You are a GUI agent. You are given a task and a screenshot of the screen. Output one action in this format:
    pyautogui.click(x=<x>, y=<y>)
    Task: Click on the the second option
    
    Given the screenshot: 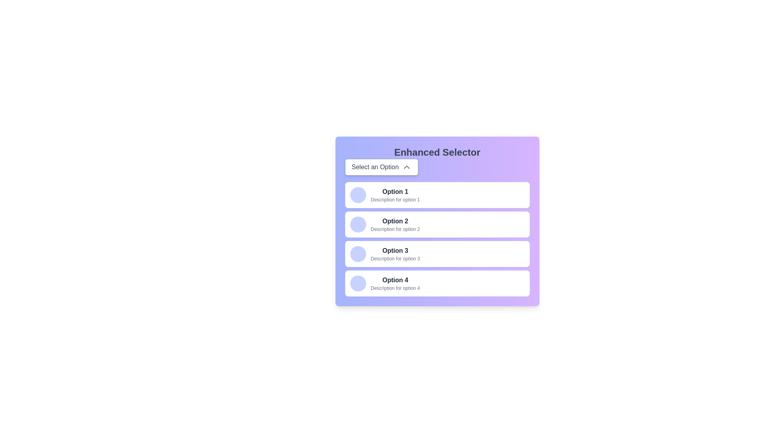 What is the action you would take?
    pyautogui.click(x=437, y=221)
    